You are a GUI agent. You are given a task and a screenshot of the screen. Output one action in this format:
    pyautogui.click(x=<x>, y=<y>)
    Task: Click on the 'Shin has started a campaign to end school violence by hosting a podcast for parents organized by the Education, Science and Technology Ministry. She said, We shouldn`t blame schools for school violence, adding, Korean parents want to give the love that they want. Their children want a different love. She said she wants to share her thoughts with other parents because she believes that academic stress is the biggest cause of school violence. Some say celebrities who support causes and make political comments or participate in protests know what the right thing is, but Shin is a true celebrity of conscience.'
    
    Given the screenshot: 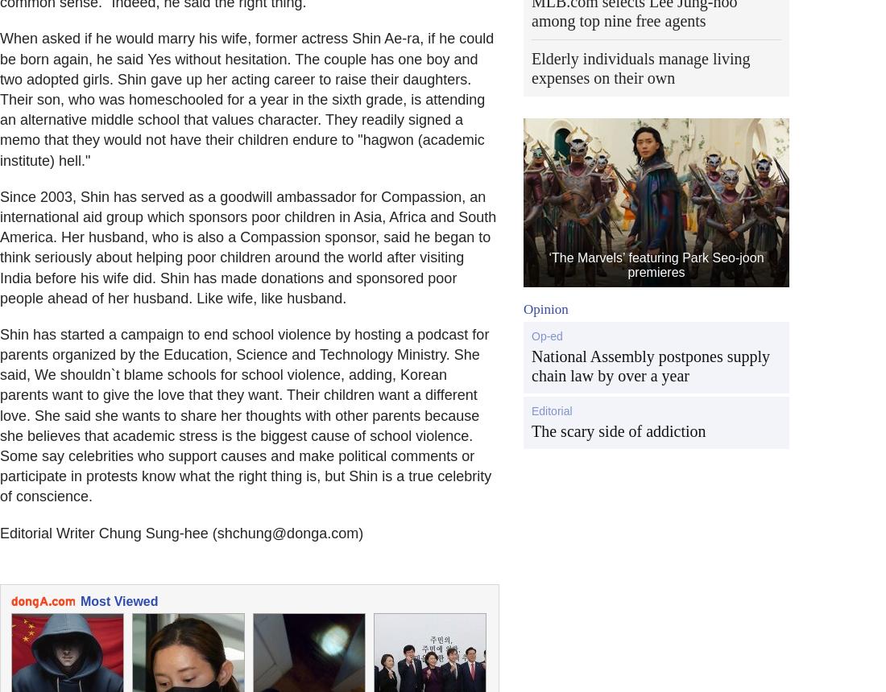 What is the action you would take?
    pyautogui.click(x=245, y=414)
    